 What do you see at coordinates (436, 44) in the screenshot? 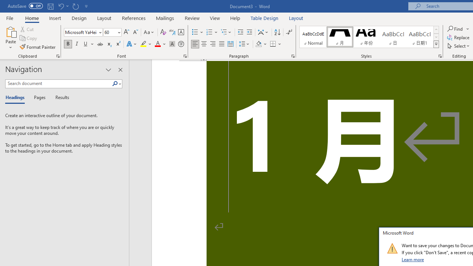
I see `'Styles'` at bounding box center [436, 44].